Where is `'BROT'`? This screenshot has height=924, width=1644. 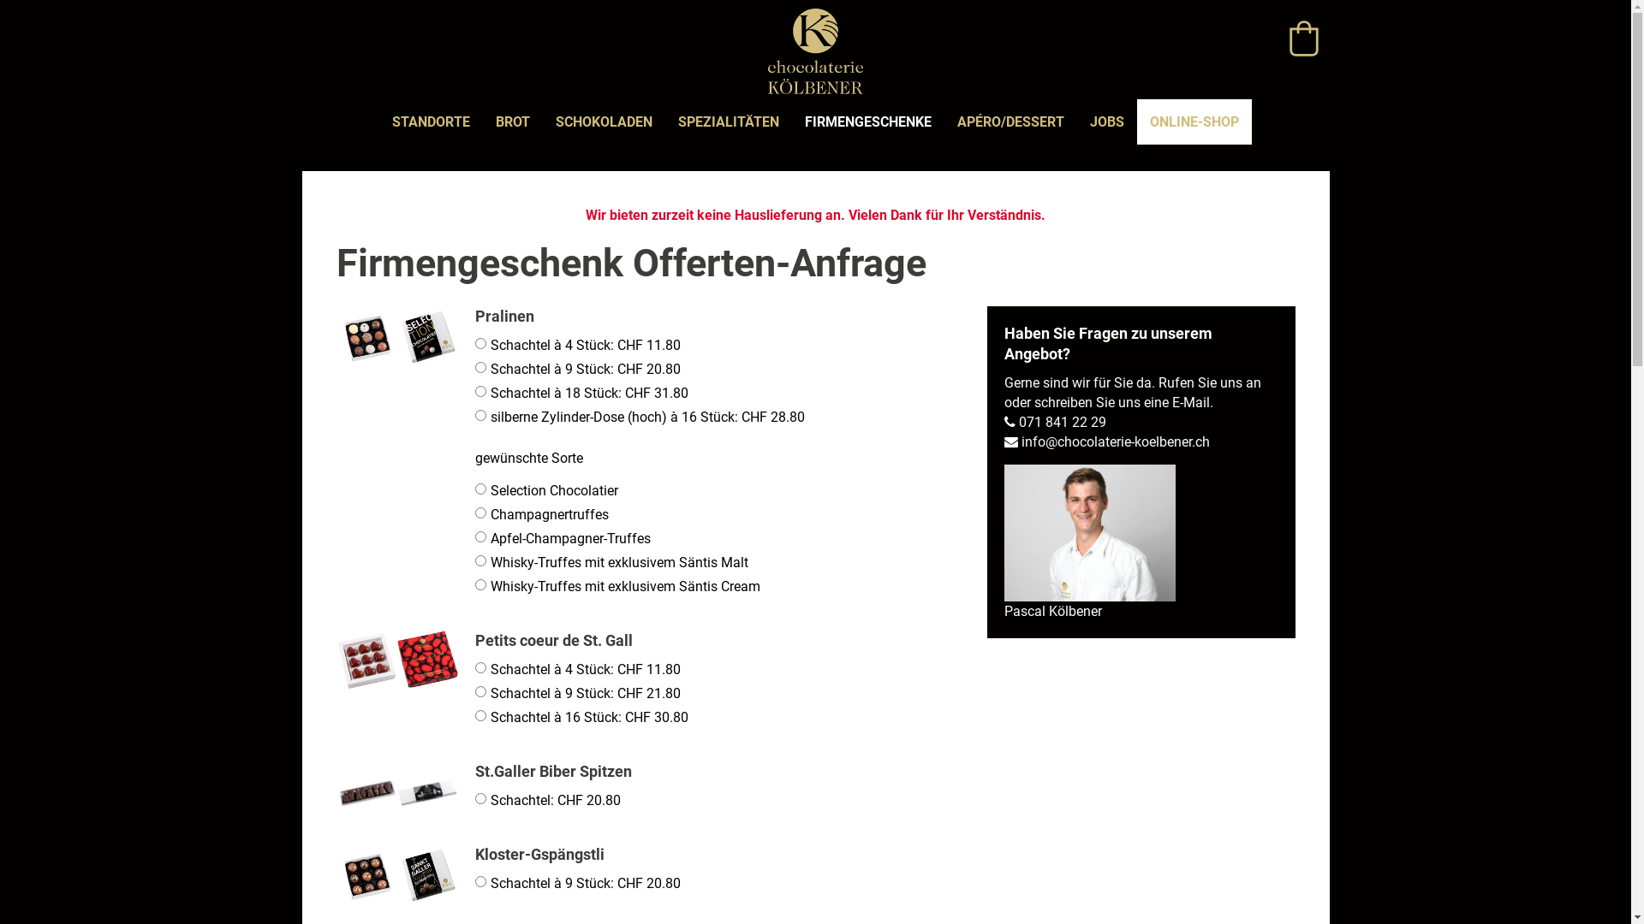
'BROT' is located at coordinates (482, 121).